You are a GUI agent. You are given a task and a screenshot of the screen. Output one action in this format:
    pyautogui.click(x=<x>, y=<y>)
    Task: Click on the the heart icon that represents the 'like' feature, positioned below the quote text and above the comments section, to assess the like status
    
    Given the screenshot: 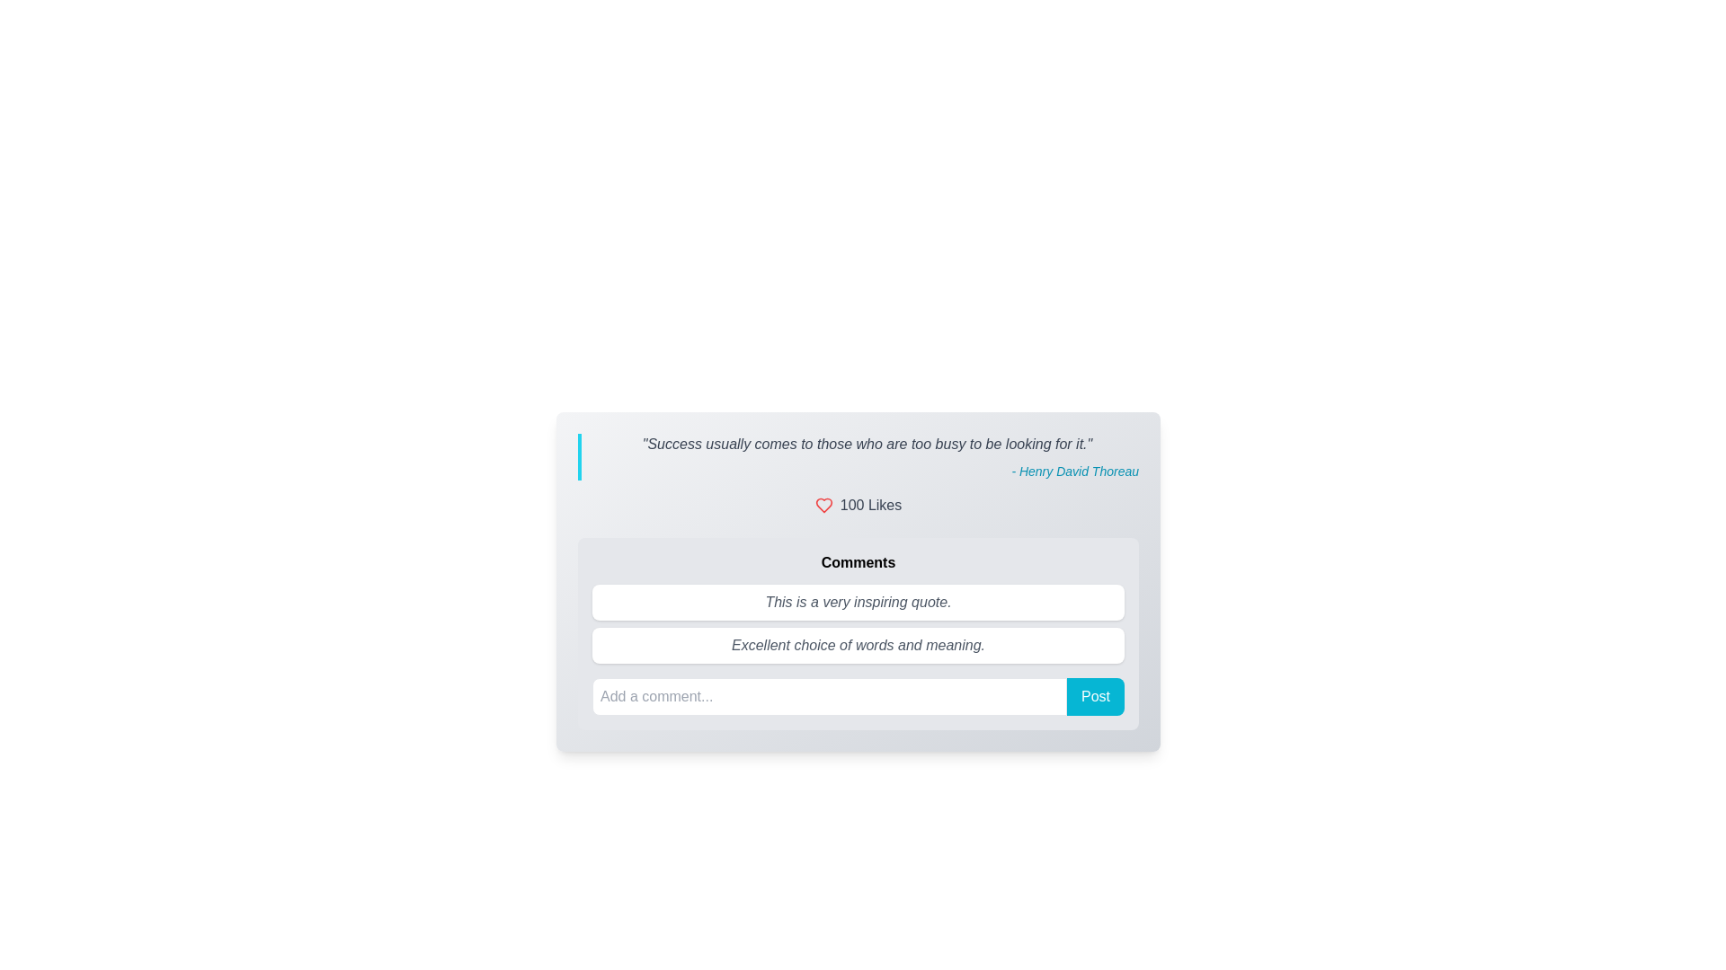 What is the action you would take?
    pyautogui.click(x=823, y=506)
    